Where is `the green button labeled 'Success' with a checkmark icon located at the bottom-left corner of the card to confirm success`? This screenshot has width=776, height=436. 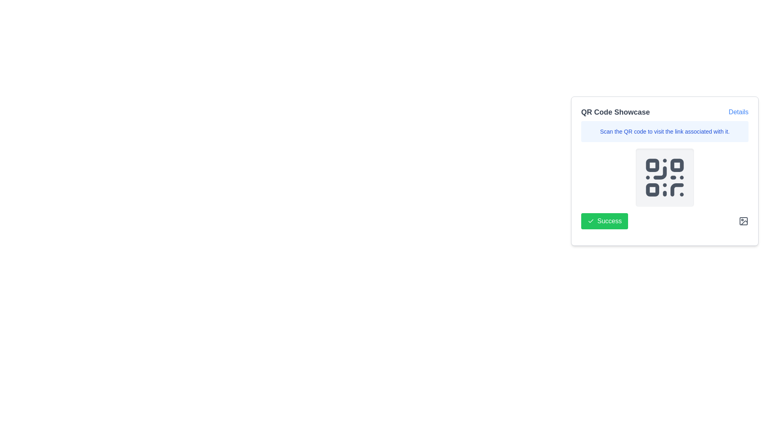 the green button labeled 'Success' with a checkmark icon located at the bottom-left corner of the card to confirm success is located at coordinates (605, 221).